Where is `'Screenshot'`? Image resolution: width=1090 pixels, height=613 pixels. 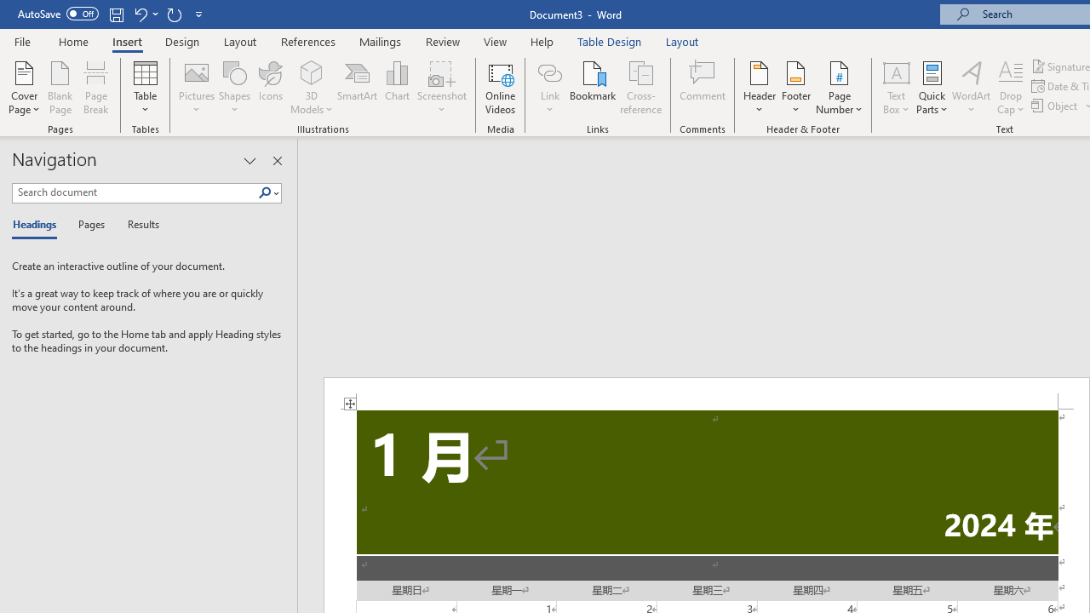 'Screenshot' is located at coordinates (442, 88).